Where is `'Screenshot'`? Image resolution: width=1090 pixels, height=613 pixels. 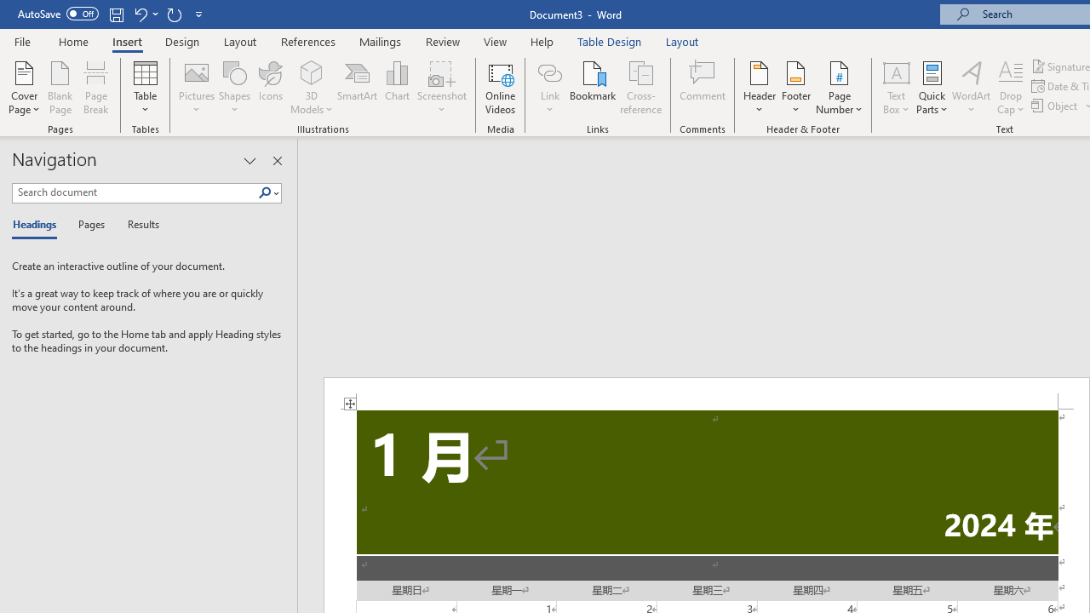 'Screenshot' is located at coordinates (442, 88).